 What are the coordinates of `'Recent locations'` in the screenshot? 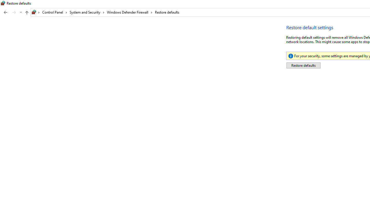 It's located at (21, 12).